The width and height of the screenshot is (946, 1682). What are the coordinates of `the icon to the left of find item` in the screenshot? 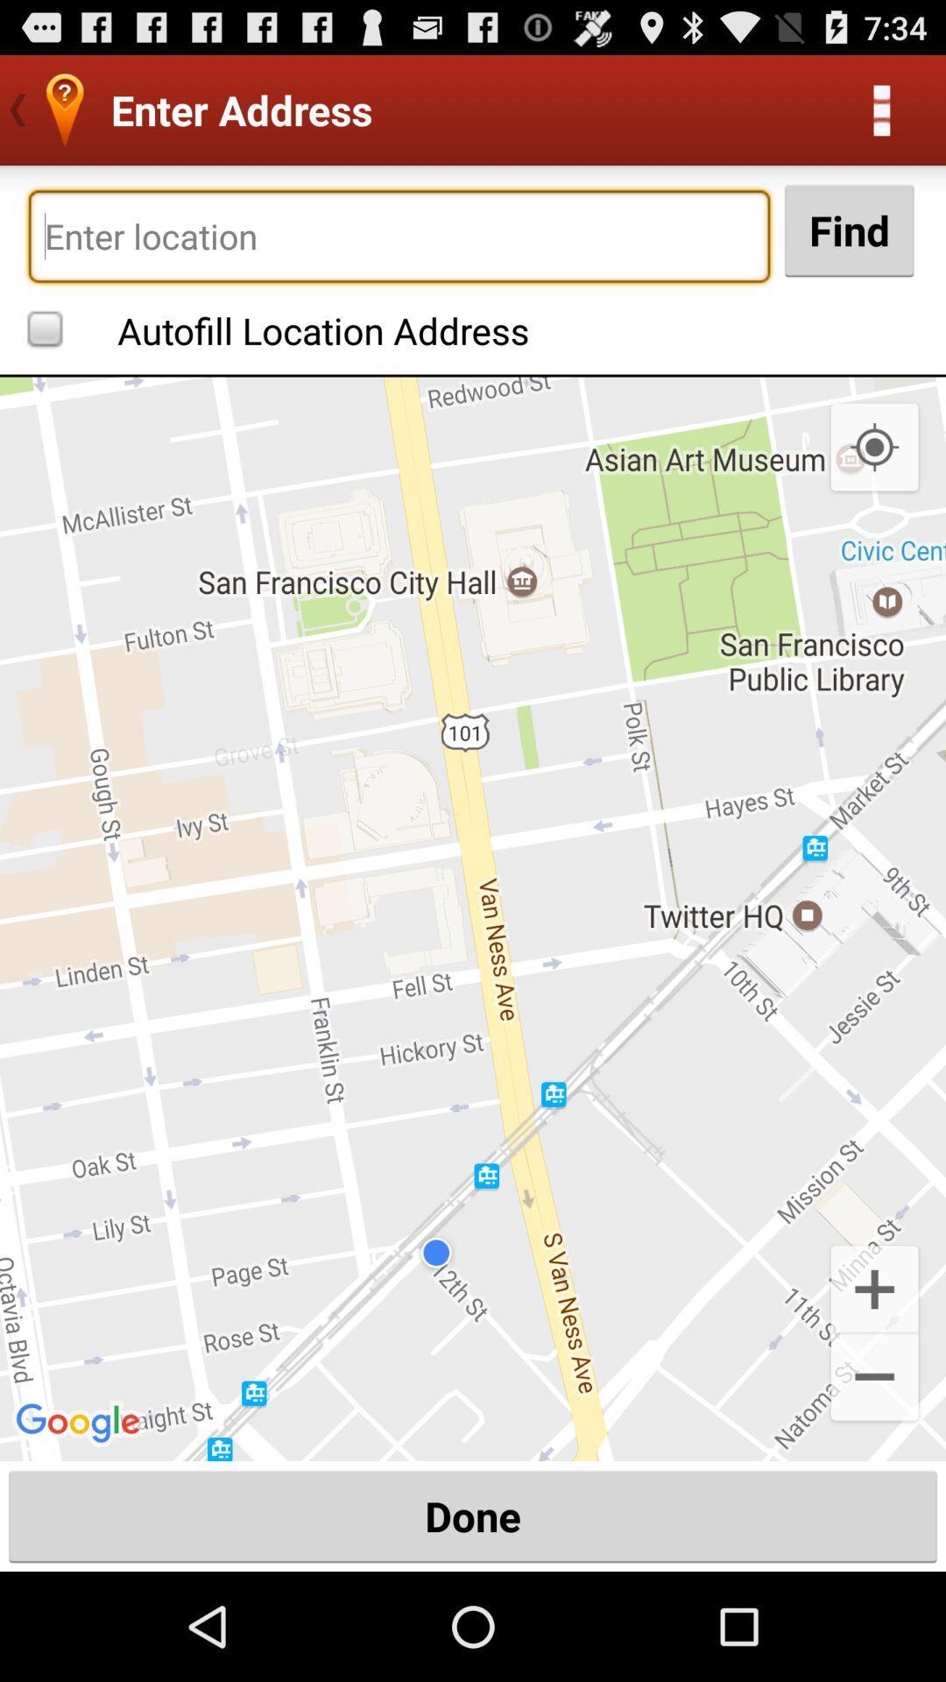 It's located at (399, 235).